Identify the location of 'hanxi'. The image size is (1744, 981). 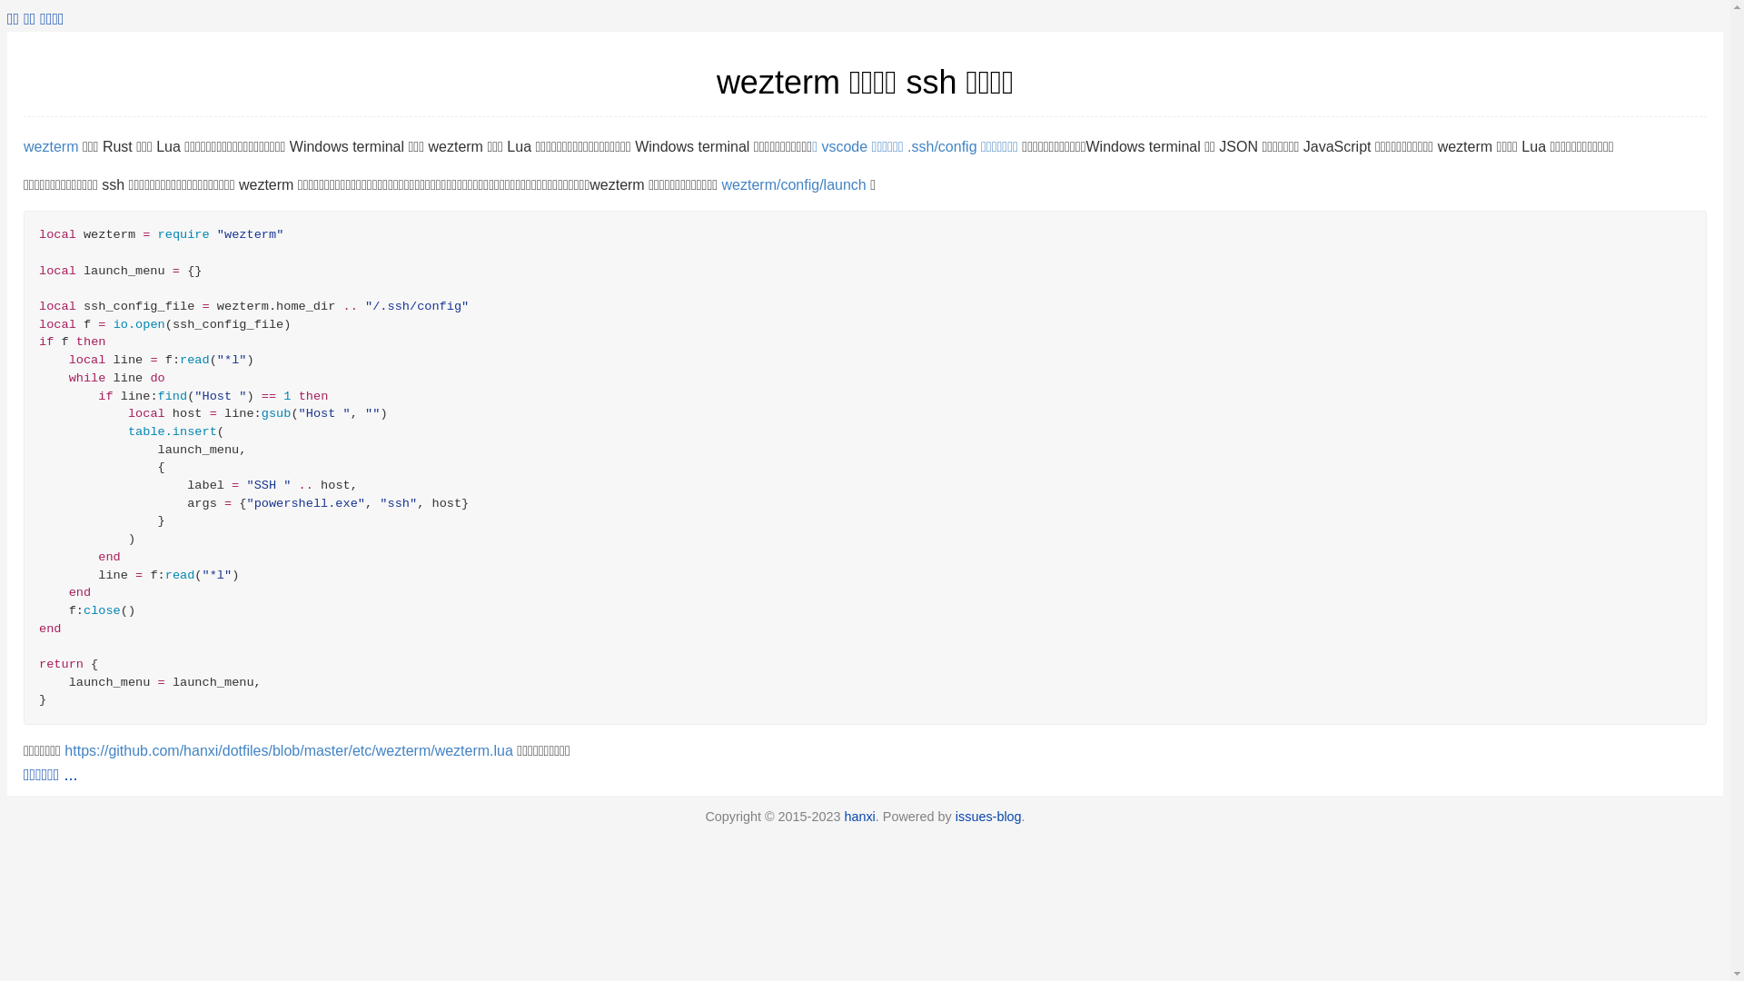
(857, 815).